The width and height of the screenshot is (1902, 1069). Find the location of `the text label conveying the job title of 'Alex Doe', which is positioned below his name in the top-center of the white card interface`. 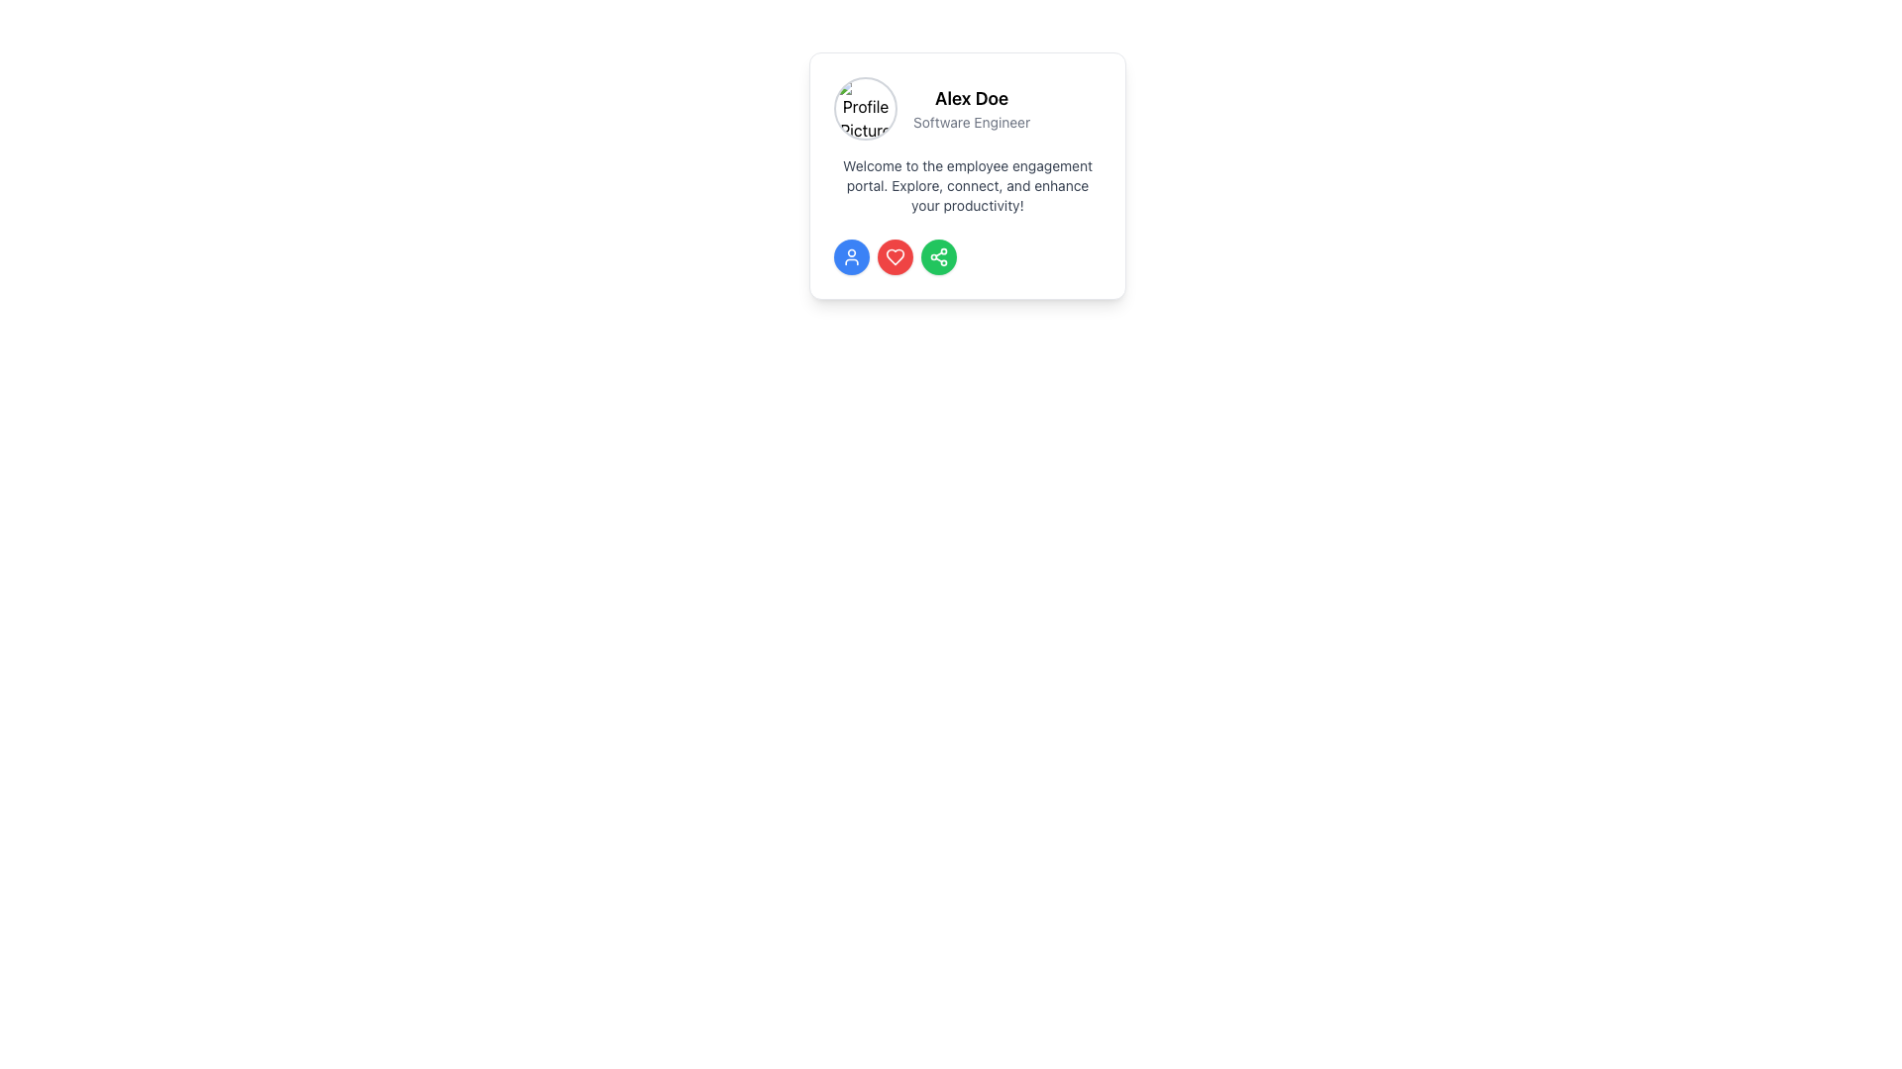

the text label conveying the job title of 'Alex Doe', which is positioned below his name in the top-center of the white card interface is located at coordinates (972, 122).